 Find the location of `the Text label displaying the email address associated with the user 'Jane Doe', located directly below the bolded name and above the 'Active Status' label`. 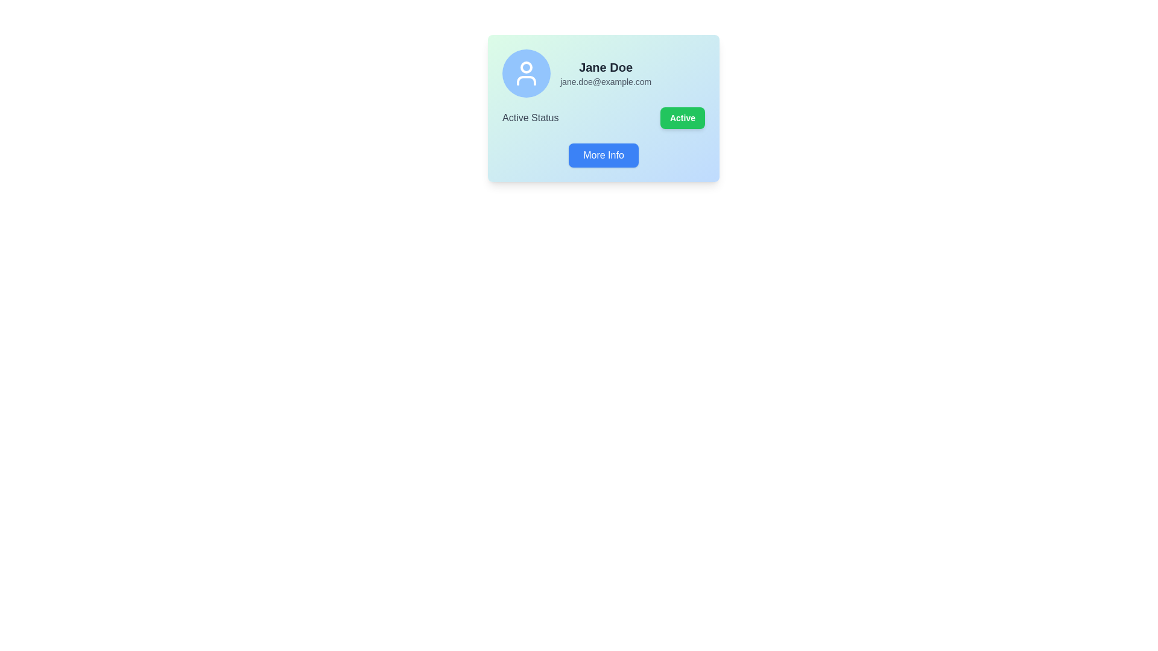

the Text label displaying the email address associated with the user 'Jane Doe', located directly below the bolded name and above the 'Active Status' label is located at coordinates (606, 81).